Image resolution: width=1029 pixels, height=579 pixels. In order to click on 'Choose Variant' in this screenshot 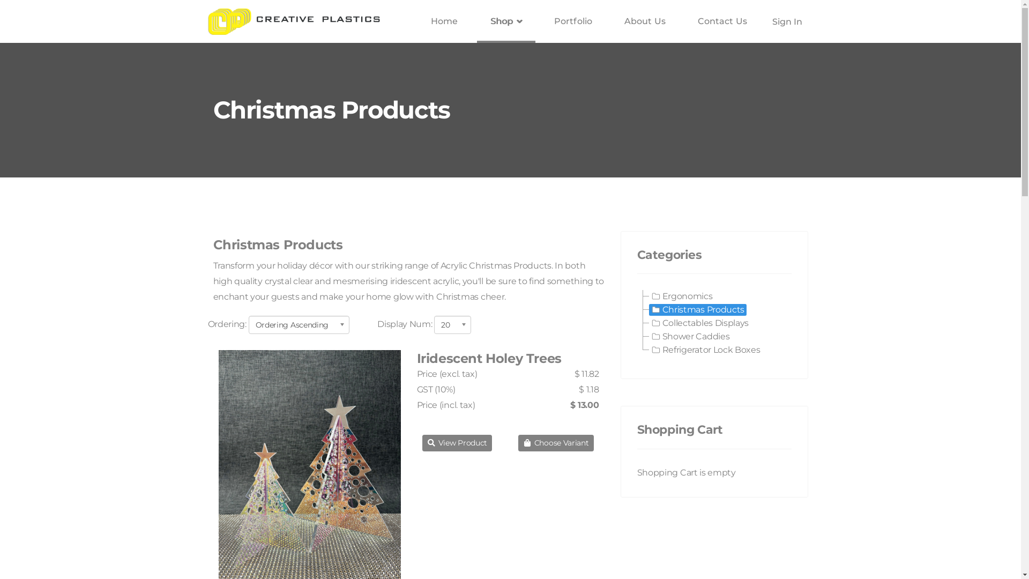, I will do `click(555, 443)`.